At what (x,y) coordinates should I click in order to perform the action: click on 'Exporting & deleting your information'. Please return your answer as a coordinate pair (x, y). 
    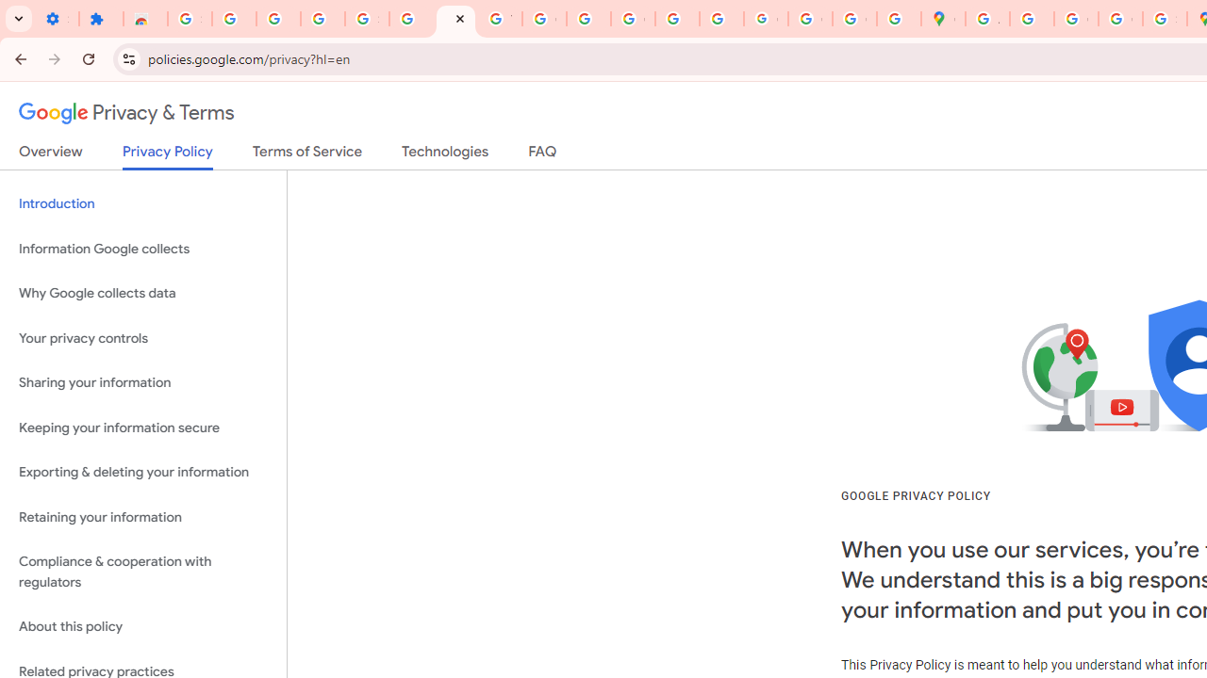
    Looking at the image, I should click on (142, 472).